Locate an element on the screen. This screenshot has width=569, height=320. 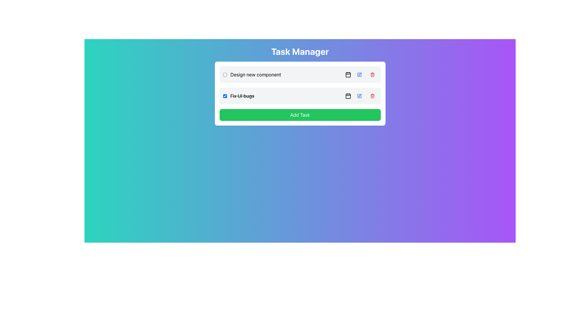
the checkbox with a checkmark symbol is located at coordinates (224, 96).